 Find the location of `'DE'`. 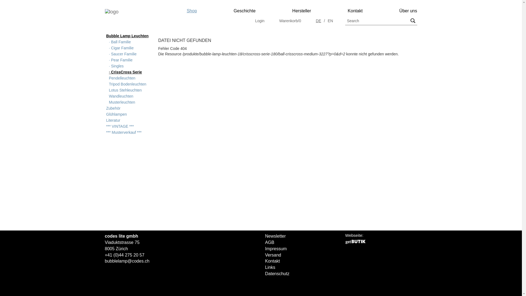

'DE' is located at coordinates (318, 21).